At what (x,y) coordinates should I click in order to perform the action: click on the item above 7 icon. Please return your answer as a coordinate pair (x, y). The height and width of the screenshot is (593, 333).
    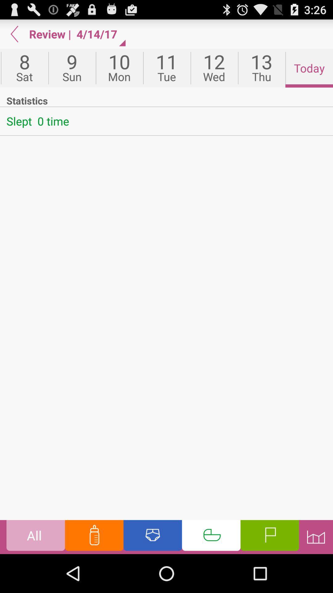
    Looking at the image, I should click on (14, 34).